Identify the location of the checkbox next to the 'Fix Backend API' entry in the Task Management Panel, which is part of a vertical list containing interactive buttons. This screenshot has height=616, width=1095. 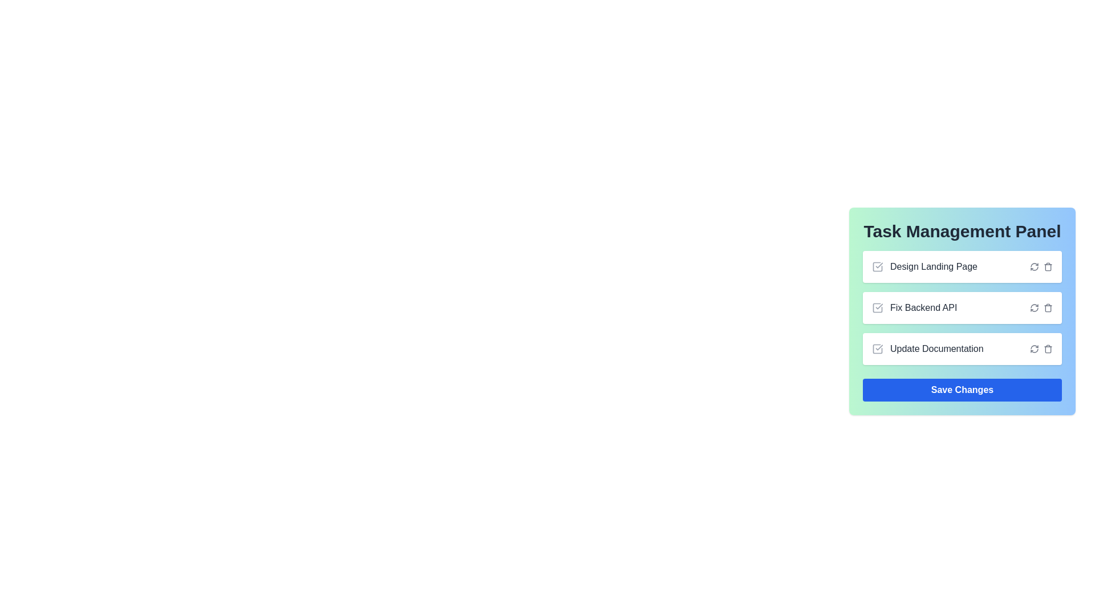
(962, 308).